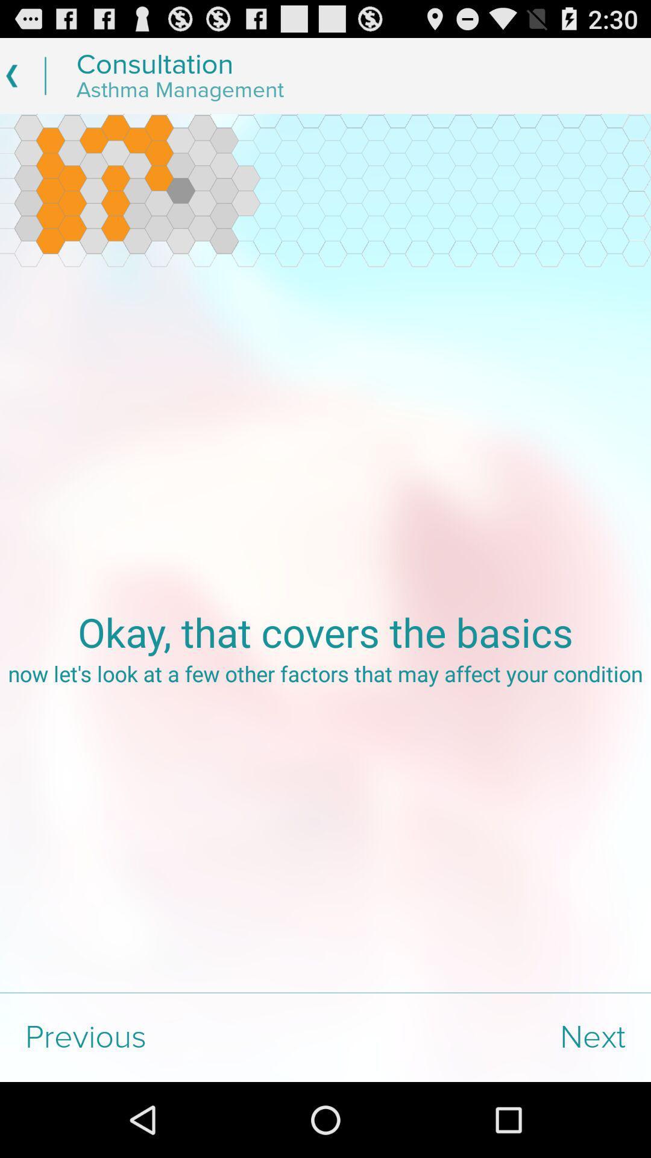  I want to click on previous at the bottom left corner, so click(163, 1037).